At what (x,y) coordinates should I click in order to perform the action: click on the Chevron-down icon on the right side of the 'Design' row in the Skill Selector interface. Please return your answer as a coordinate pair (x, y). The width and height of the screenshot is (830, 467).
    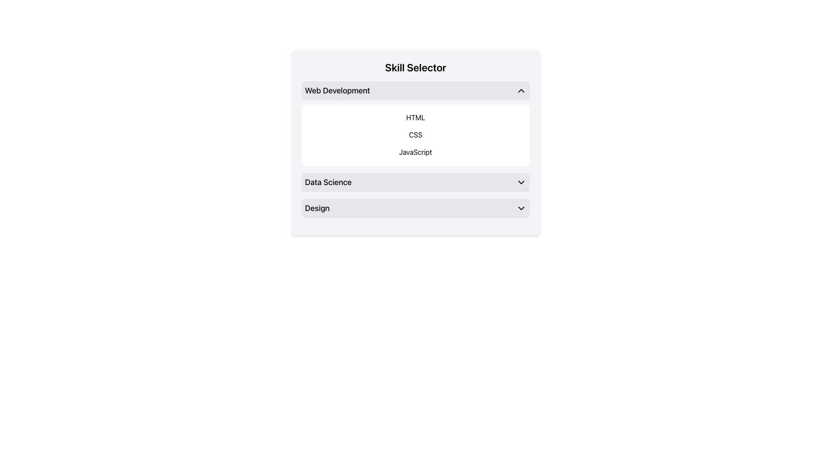
    Looking at the image, I should click on (520, 208).